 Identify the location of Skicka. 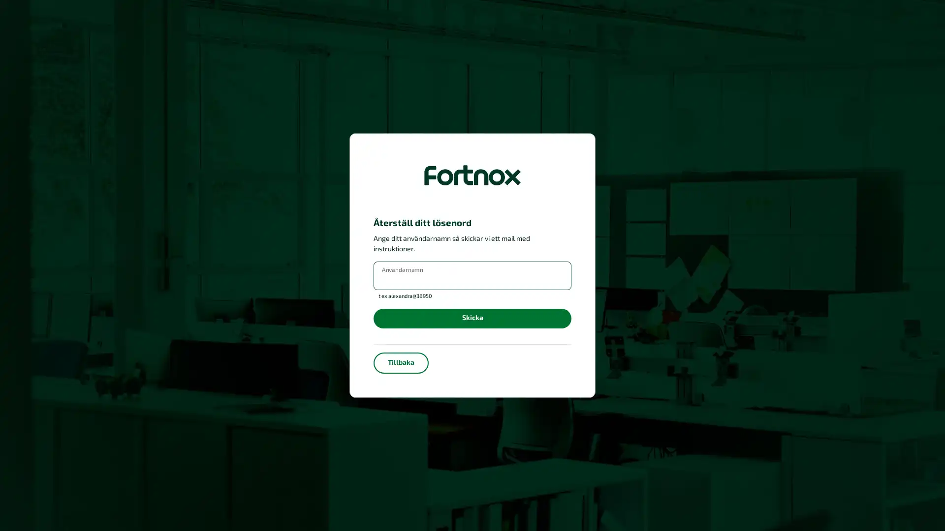
(472, 318).